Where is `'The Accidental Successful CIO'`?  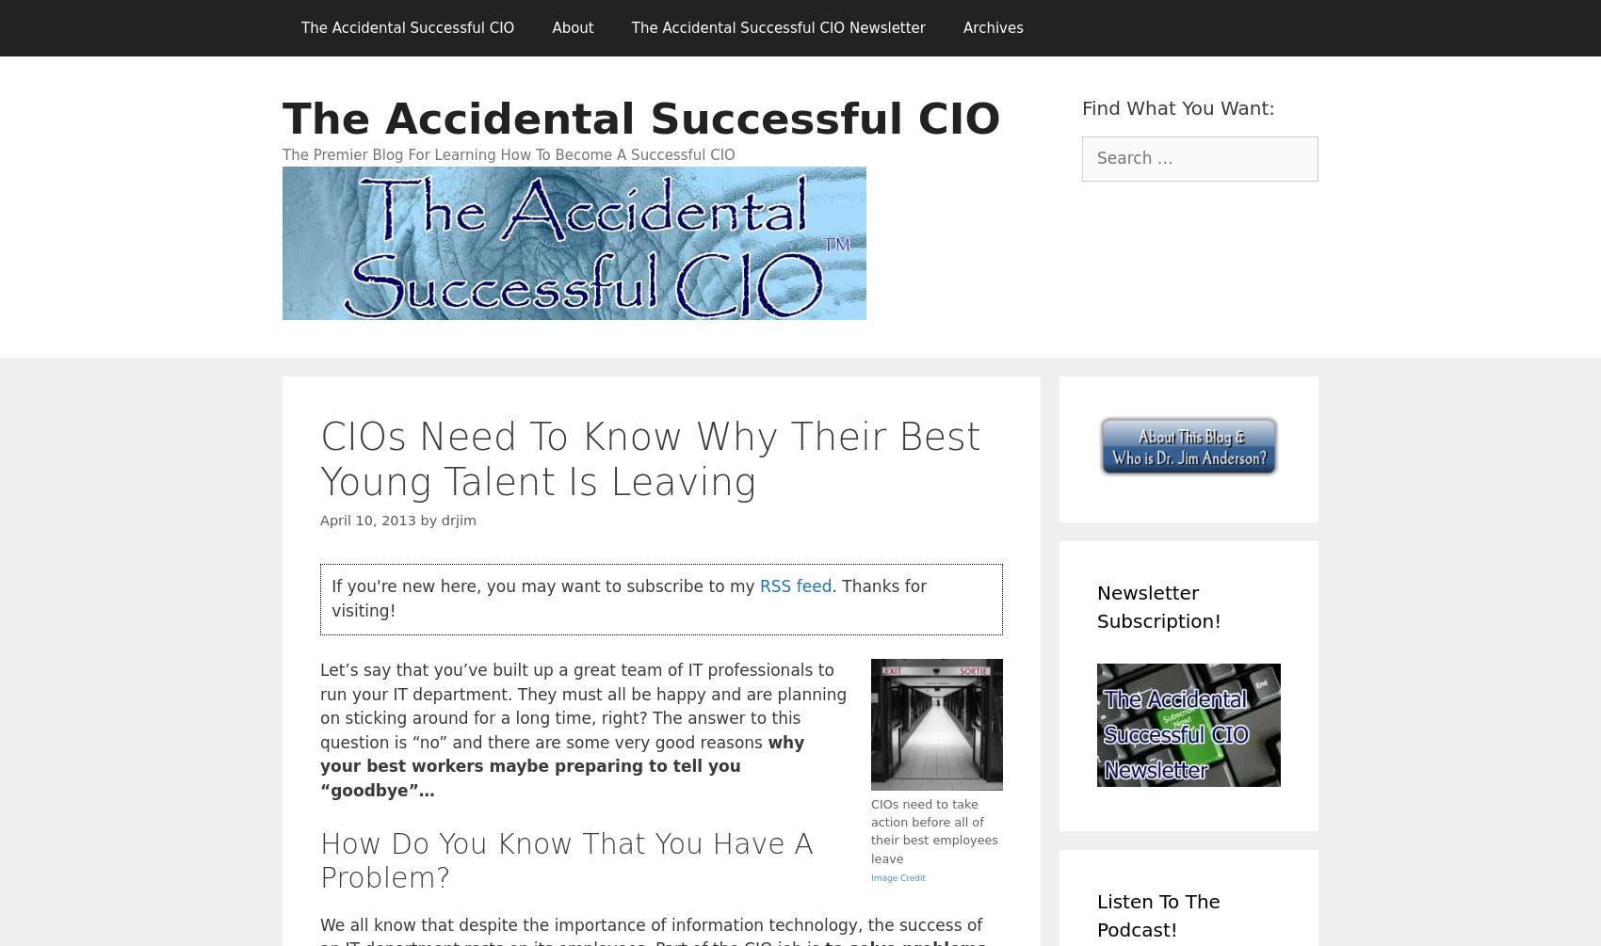 'The Accidental Successful CIO' is located at coordinates (283, 119).